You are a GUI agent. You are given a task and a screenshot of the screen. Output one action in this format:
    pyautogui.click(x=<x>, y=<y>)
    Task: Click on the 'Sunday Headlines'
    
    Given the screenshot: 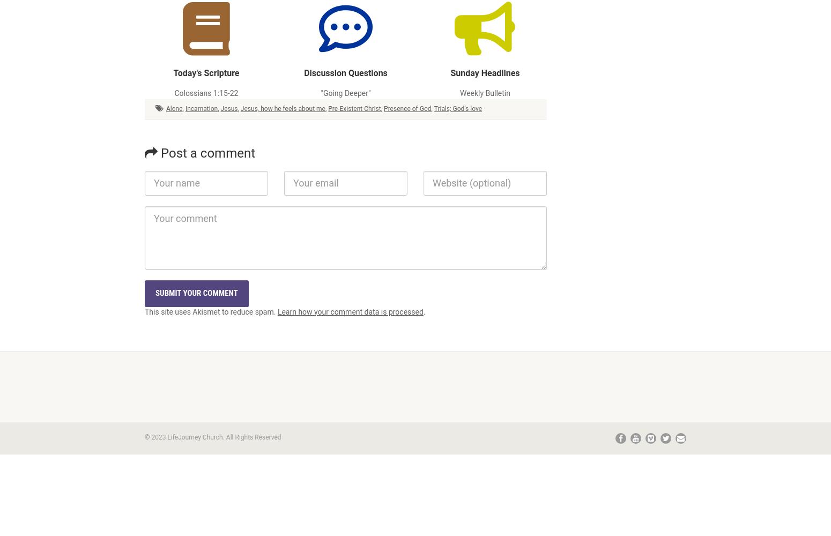 What is the action you would take?
    pyautogui.click(x=485, y=73)
    